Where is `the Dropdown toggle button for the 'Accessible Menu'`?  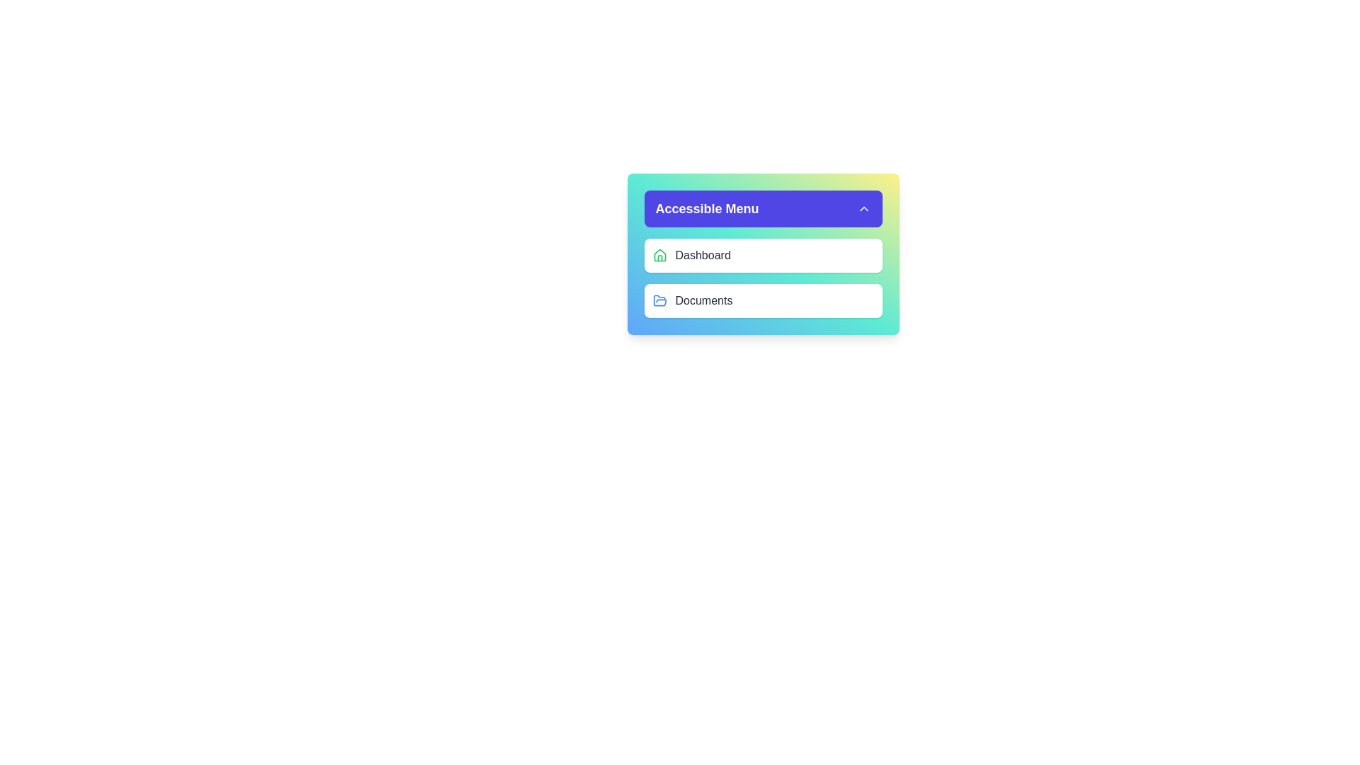
the Dropdown toggle button for the 'Accessible Menu' is located at coordinates (762, 208).